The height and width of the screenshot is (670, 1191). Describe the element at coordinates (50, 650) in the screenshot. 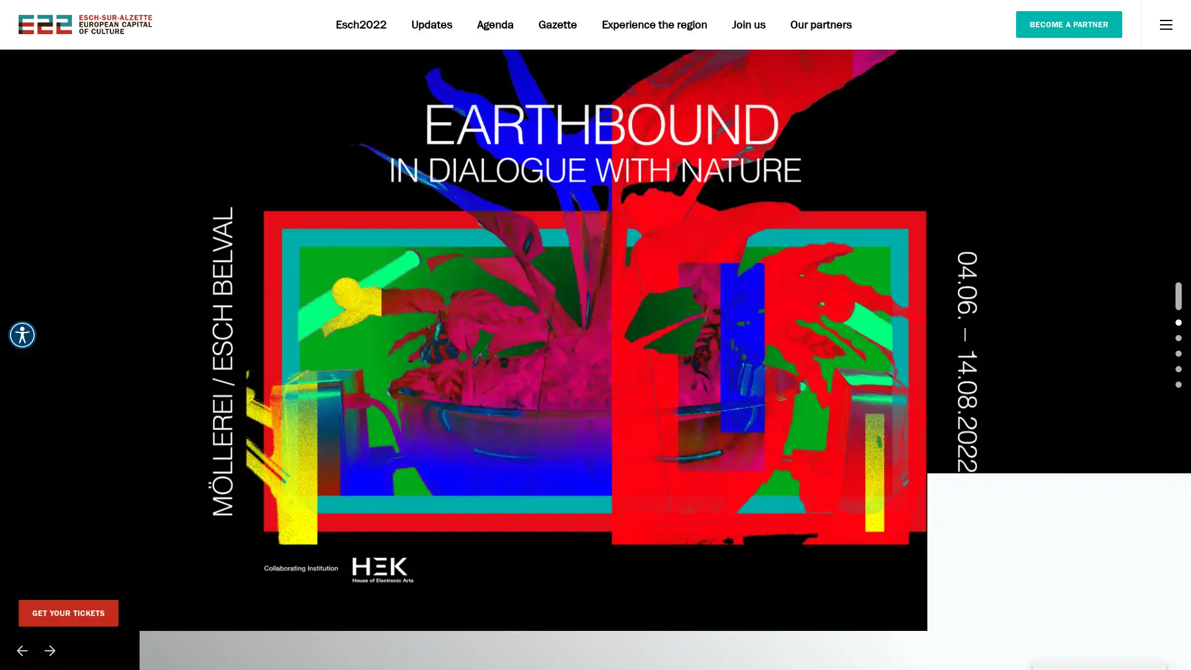

I see `Next` at that location.